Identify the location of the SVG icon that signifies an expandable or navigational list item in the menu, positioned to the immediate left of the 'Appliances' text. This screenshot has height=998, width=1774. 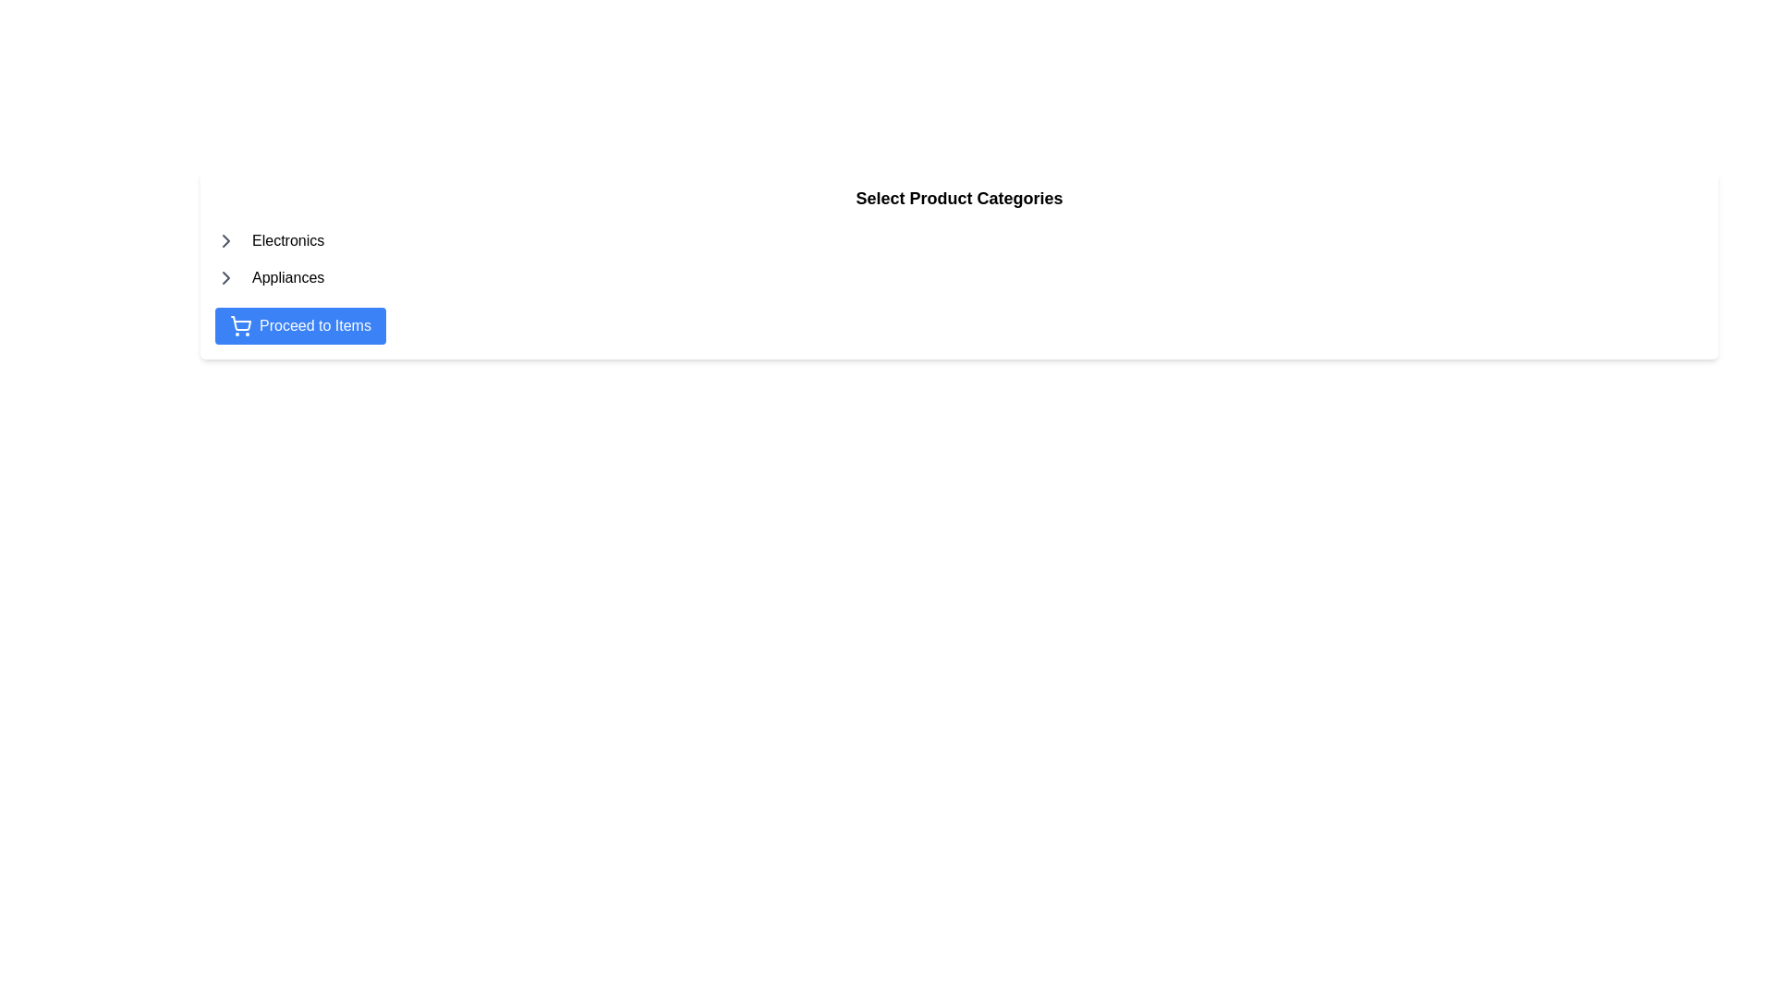
(225, 277).